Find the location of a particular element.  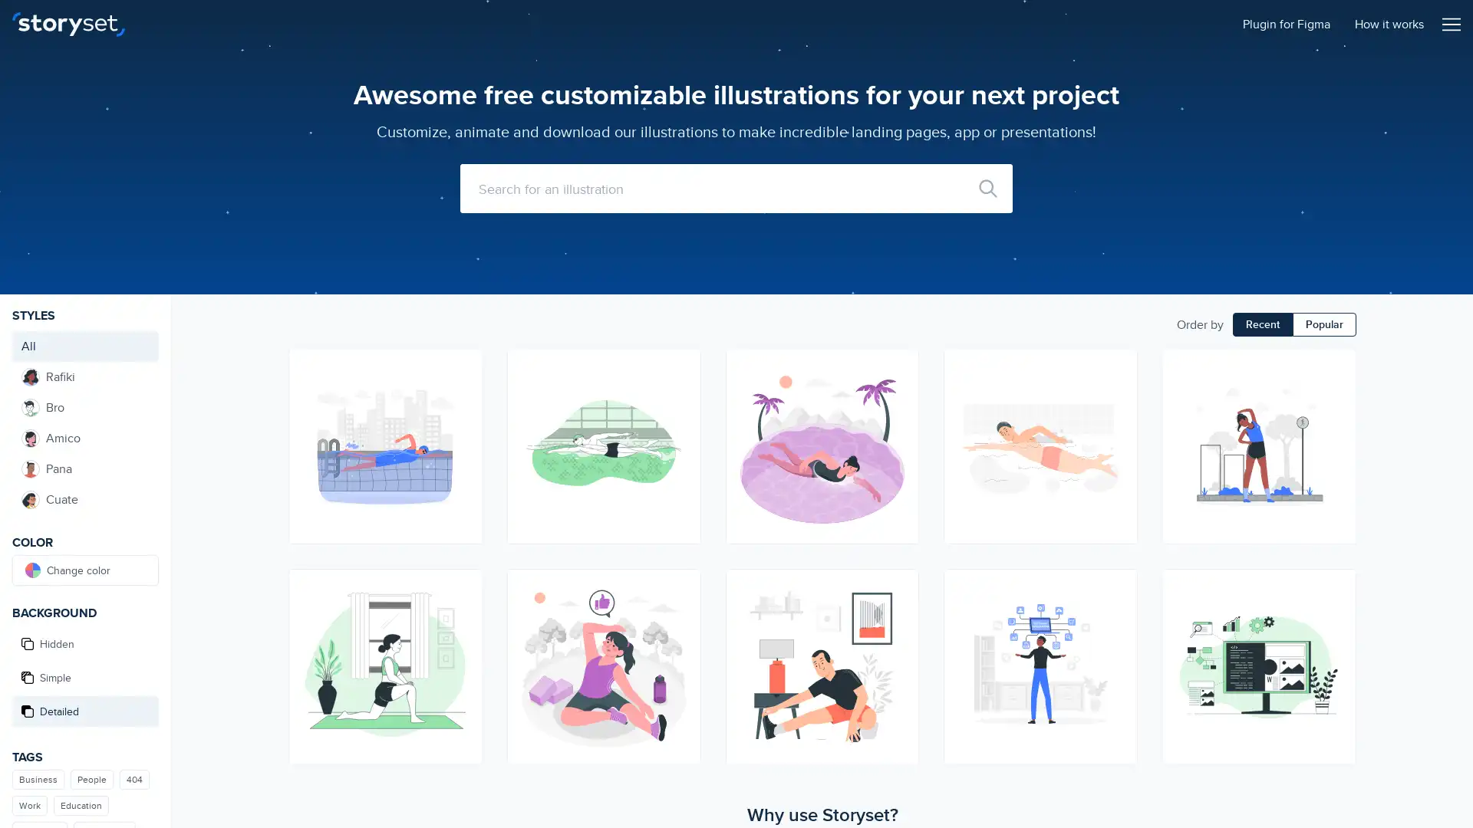

Detailed is located at coordinates (84, 711).